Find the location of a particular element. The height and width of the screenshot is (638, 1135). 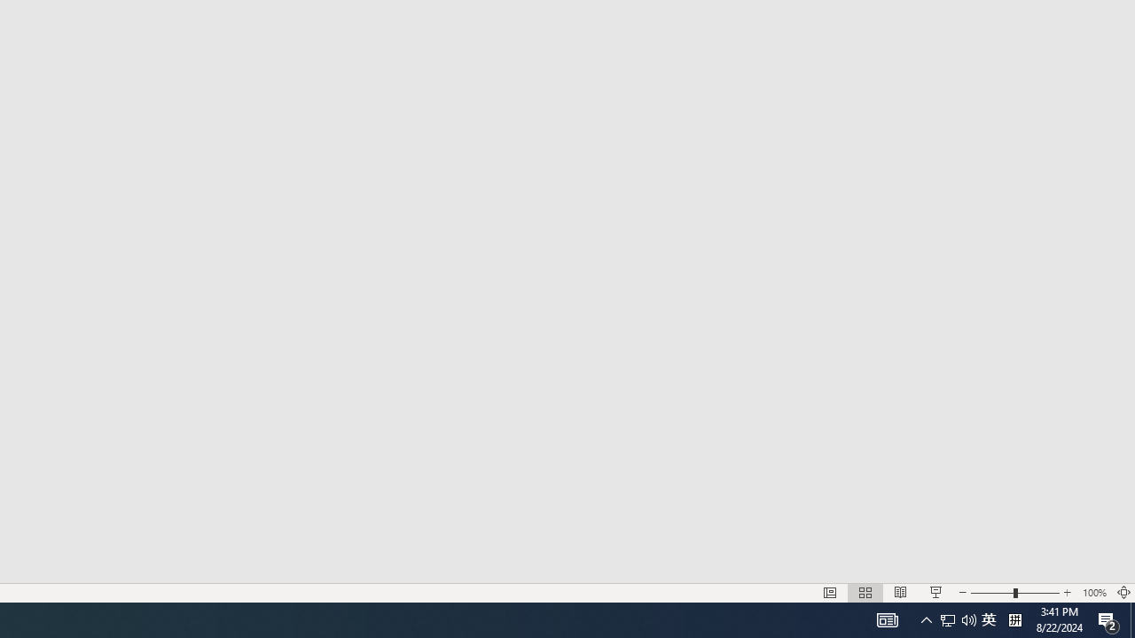

'Normal' is located at coordinates (829, 593).